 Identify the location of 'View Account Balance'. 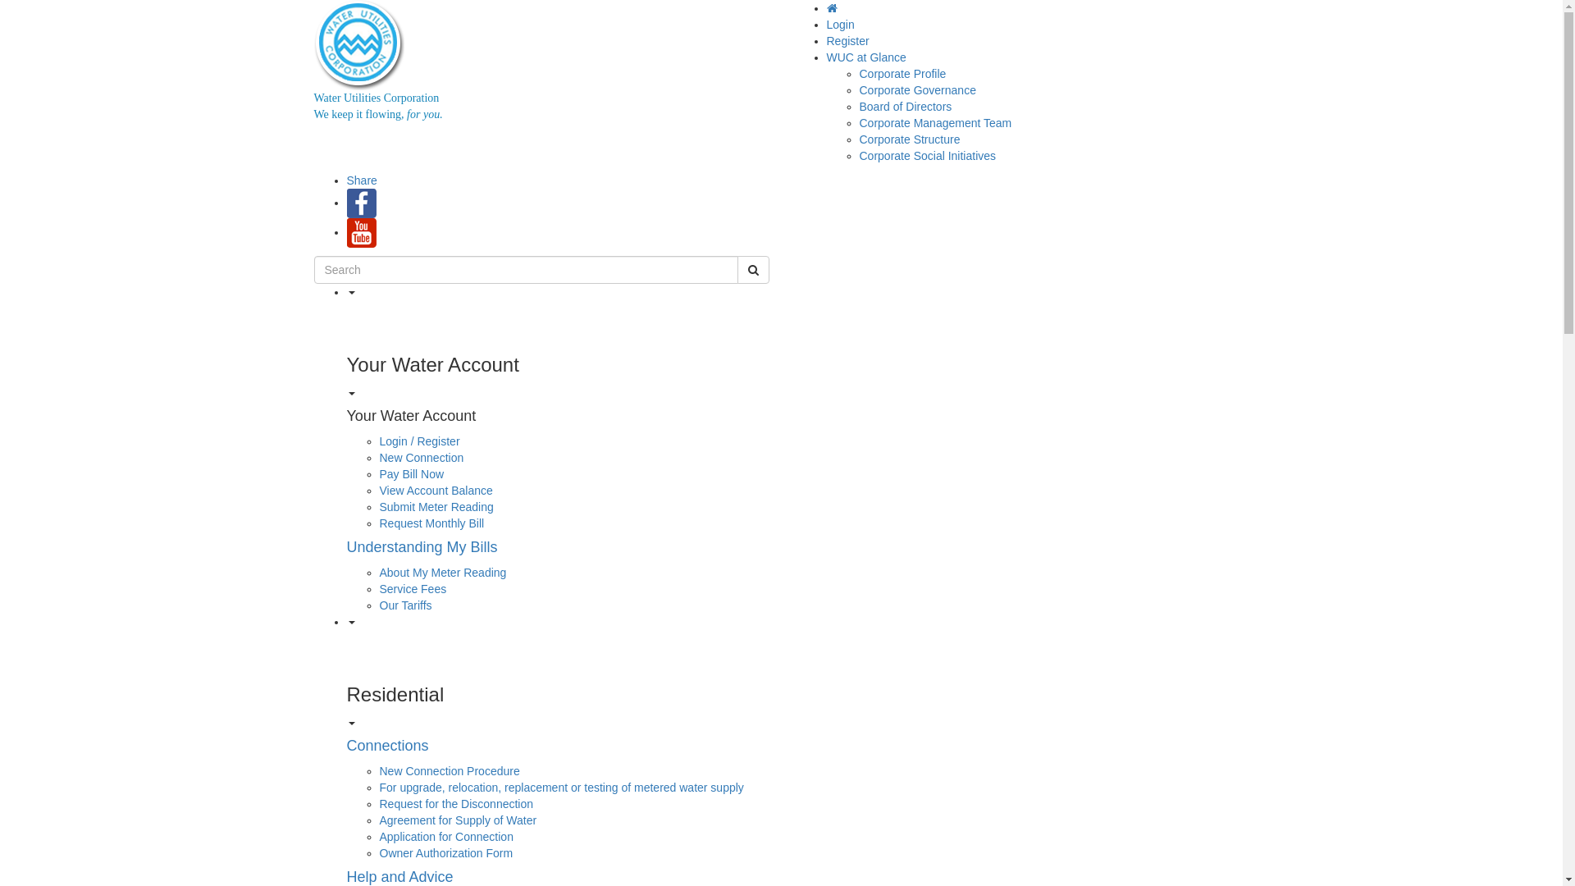
(436, 489).